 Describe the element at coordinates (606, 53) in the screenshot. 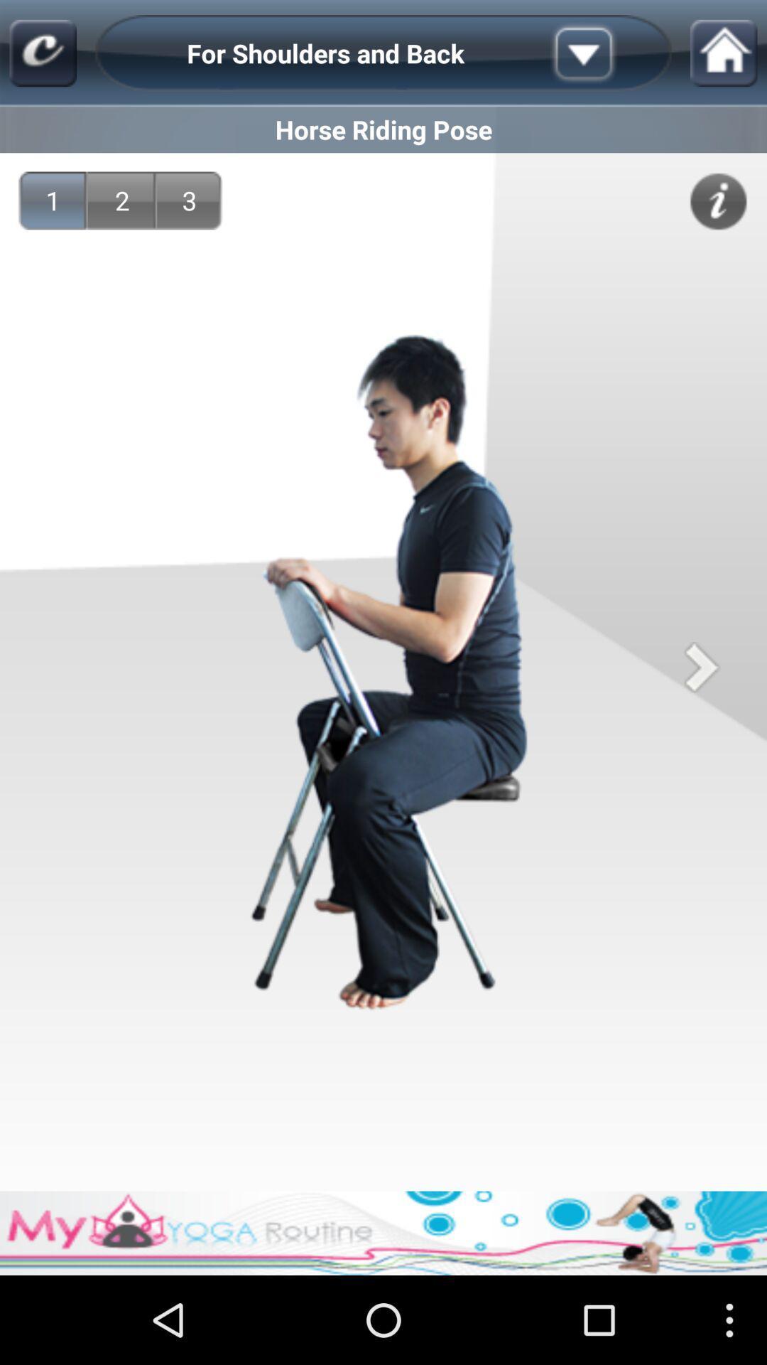

I see `more information` at that location.